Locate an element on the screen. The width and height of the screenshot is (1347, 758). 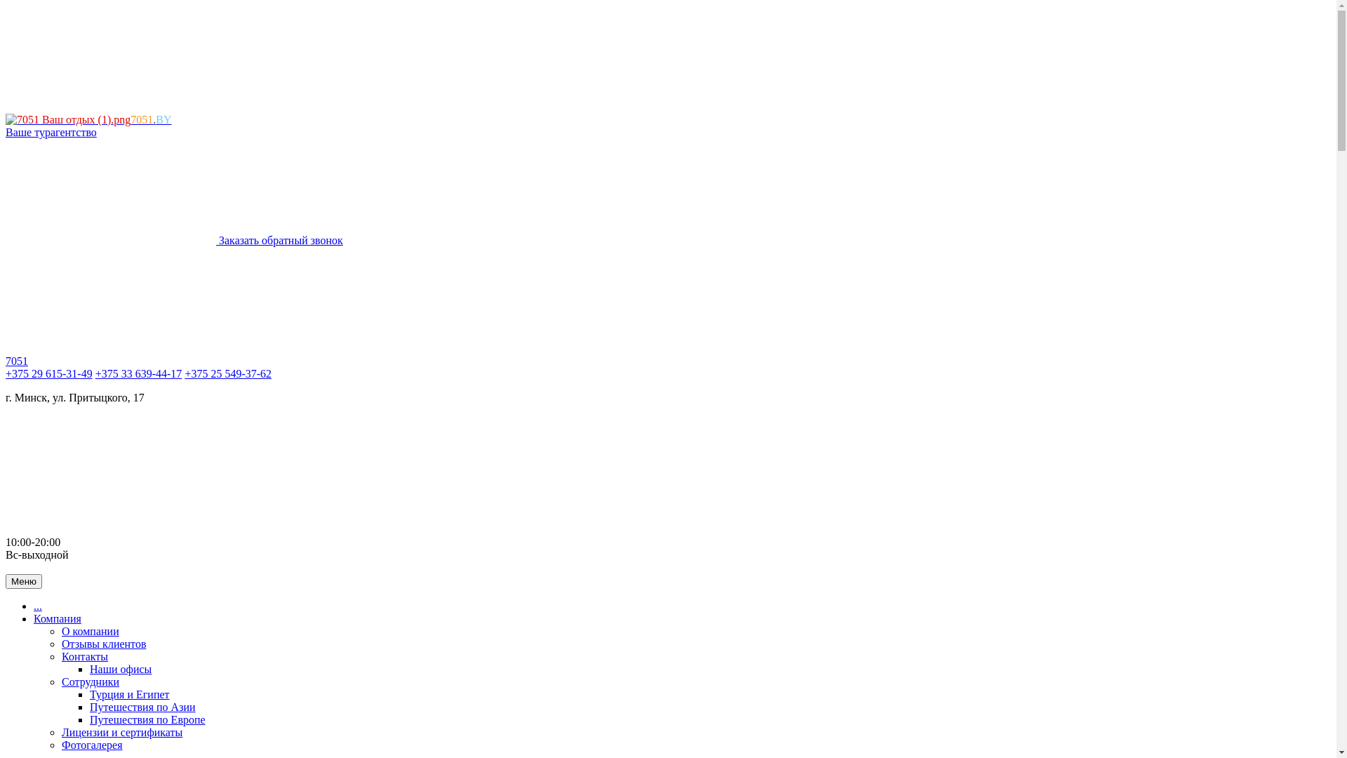
'7051' is located at coordinates (17, 360).